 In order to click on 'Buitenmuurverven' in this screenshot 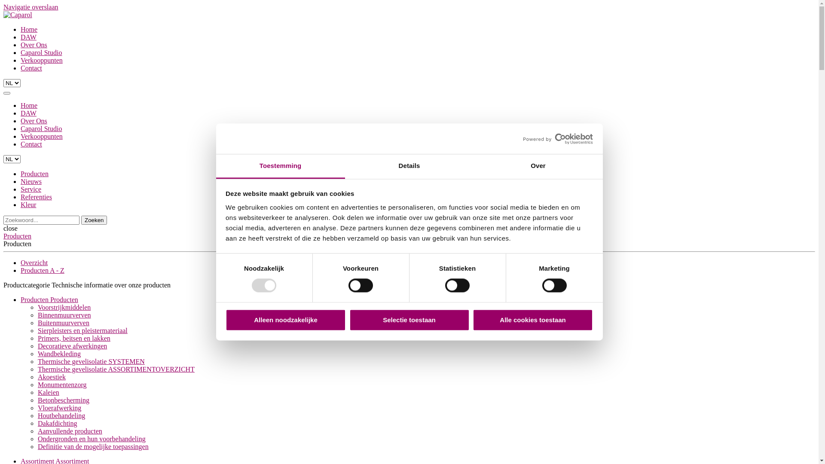, I will do `click(63, 323)`.